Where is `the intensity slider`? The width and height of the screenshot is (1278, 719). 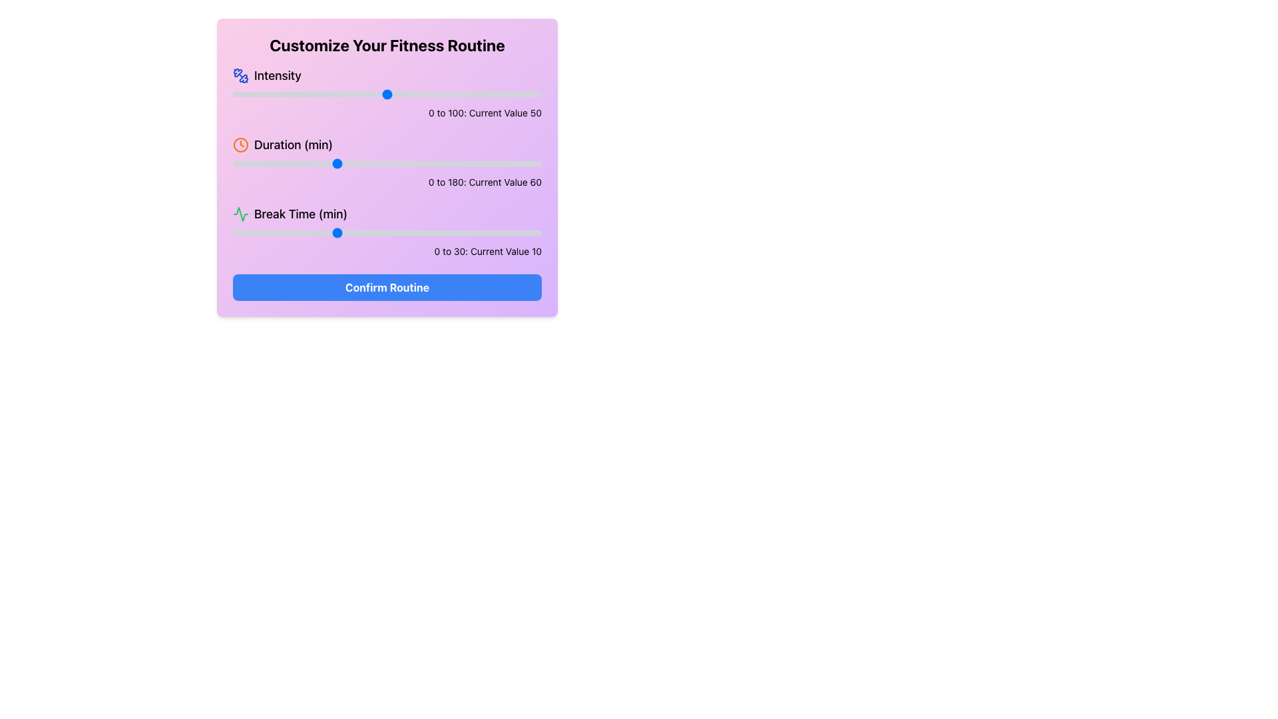 the intensity slider is located at coordinates (337, 94).